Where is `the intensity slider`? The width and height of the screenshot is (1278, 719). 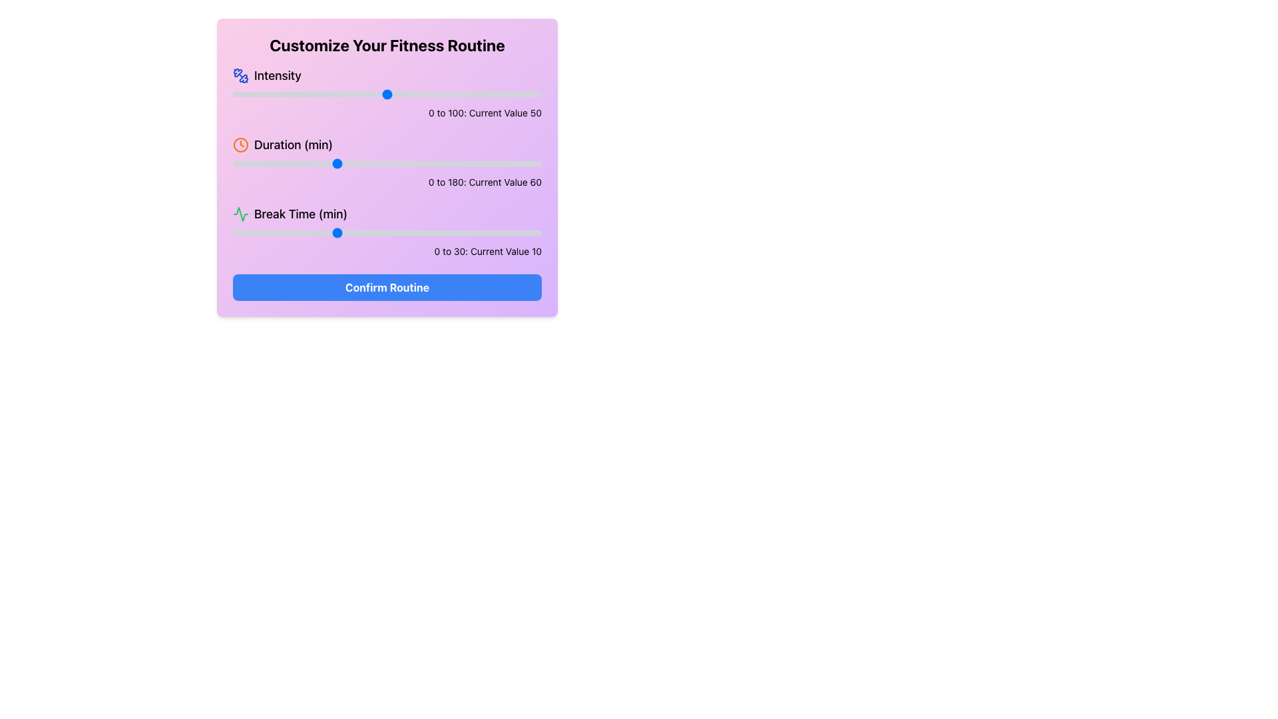 the intensity slider is located at coordinates (337, 94).